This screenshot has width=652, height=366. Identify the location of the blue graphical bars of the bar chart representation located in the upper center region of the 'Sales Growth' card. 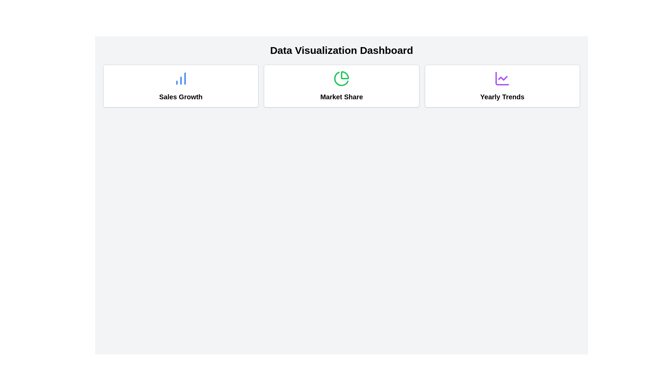
(181, 78).